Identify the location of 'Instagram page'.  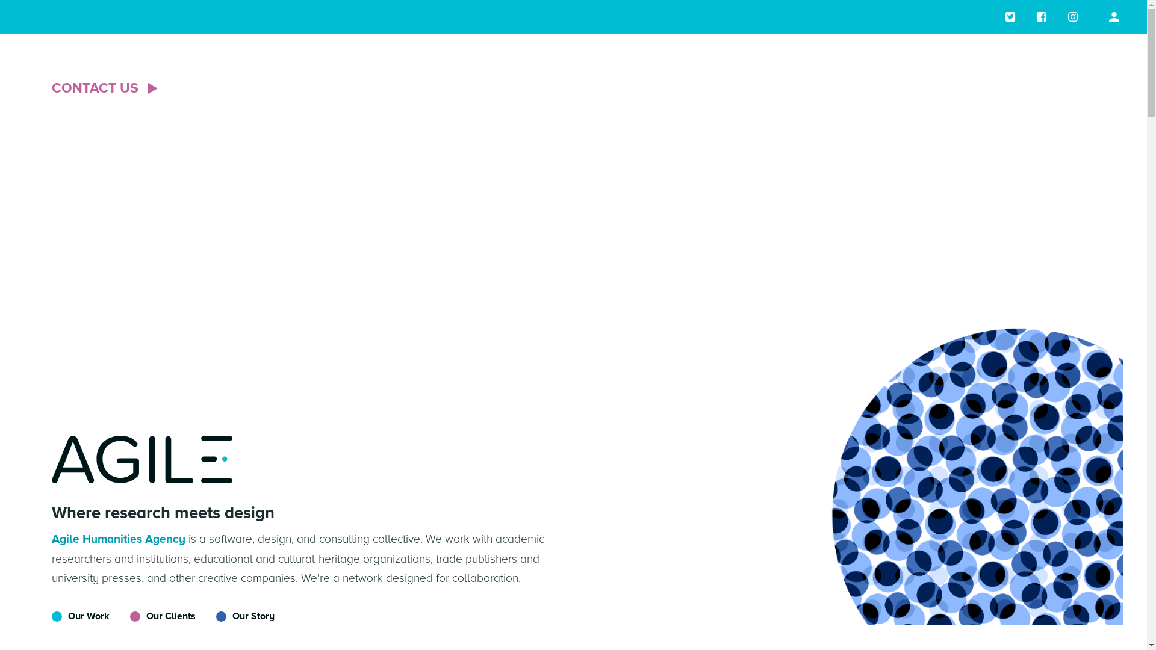
(1072, 16).